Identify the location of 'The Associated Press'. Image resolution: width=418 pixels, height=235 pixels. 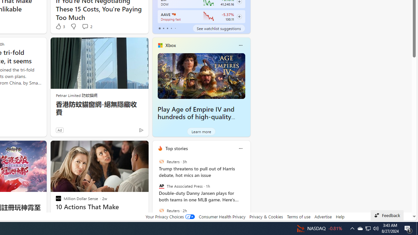
(161, 186).